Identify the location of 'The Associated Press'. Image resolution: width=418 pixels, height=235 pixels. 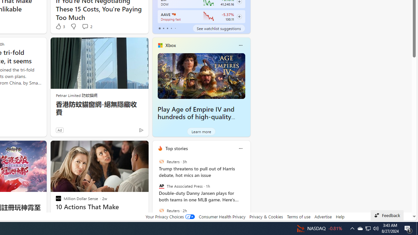
(161, 186).